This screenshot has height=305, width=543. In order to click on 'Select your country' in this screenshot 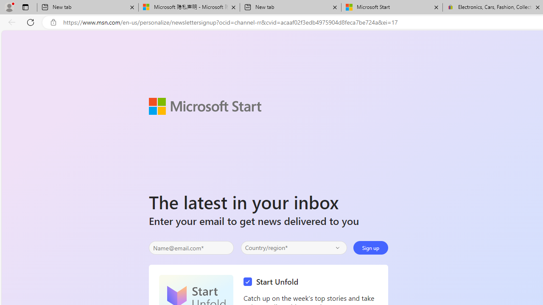, I will do `click(294, 248)`.